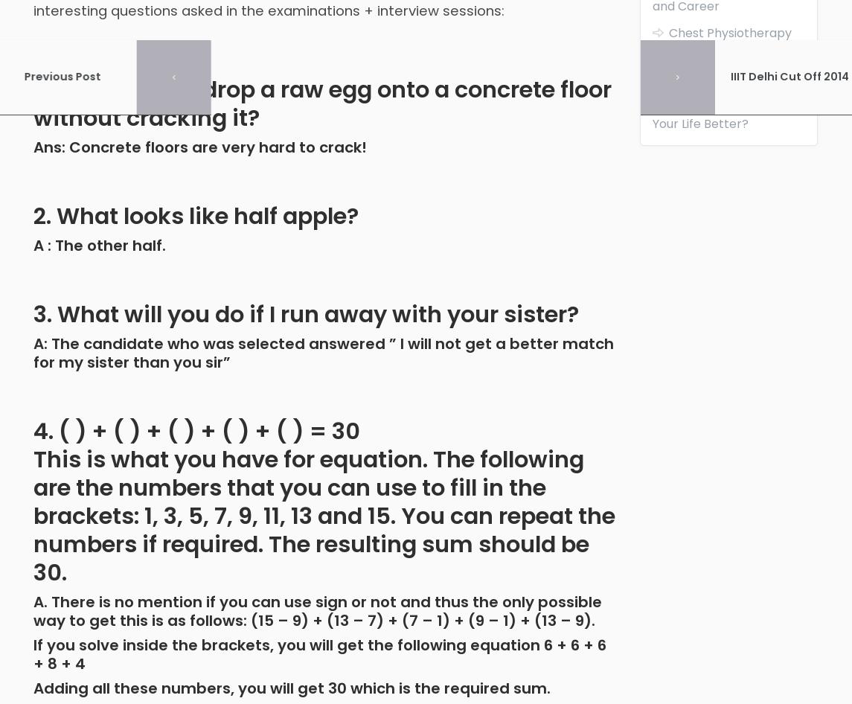 This screenshot has height=704, width=852. Describe the element at coordinates (99, 245) in the screenshot. I see `'A : The other half.'` at that location.